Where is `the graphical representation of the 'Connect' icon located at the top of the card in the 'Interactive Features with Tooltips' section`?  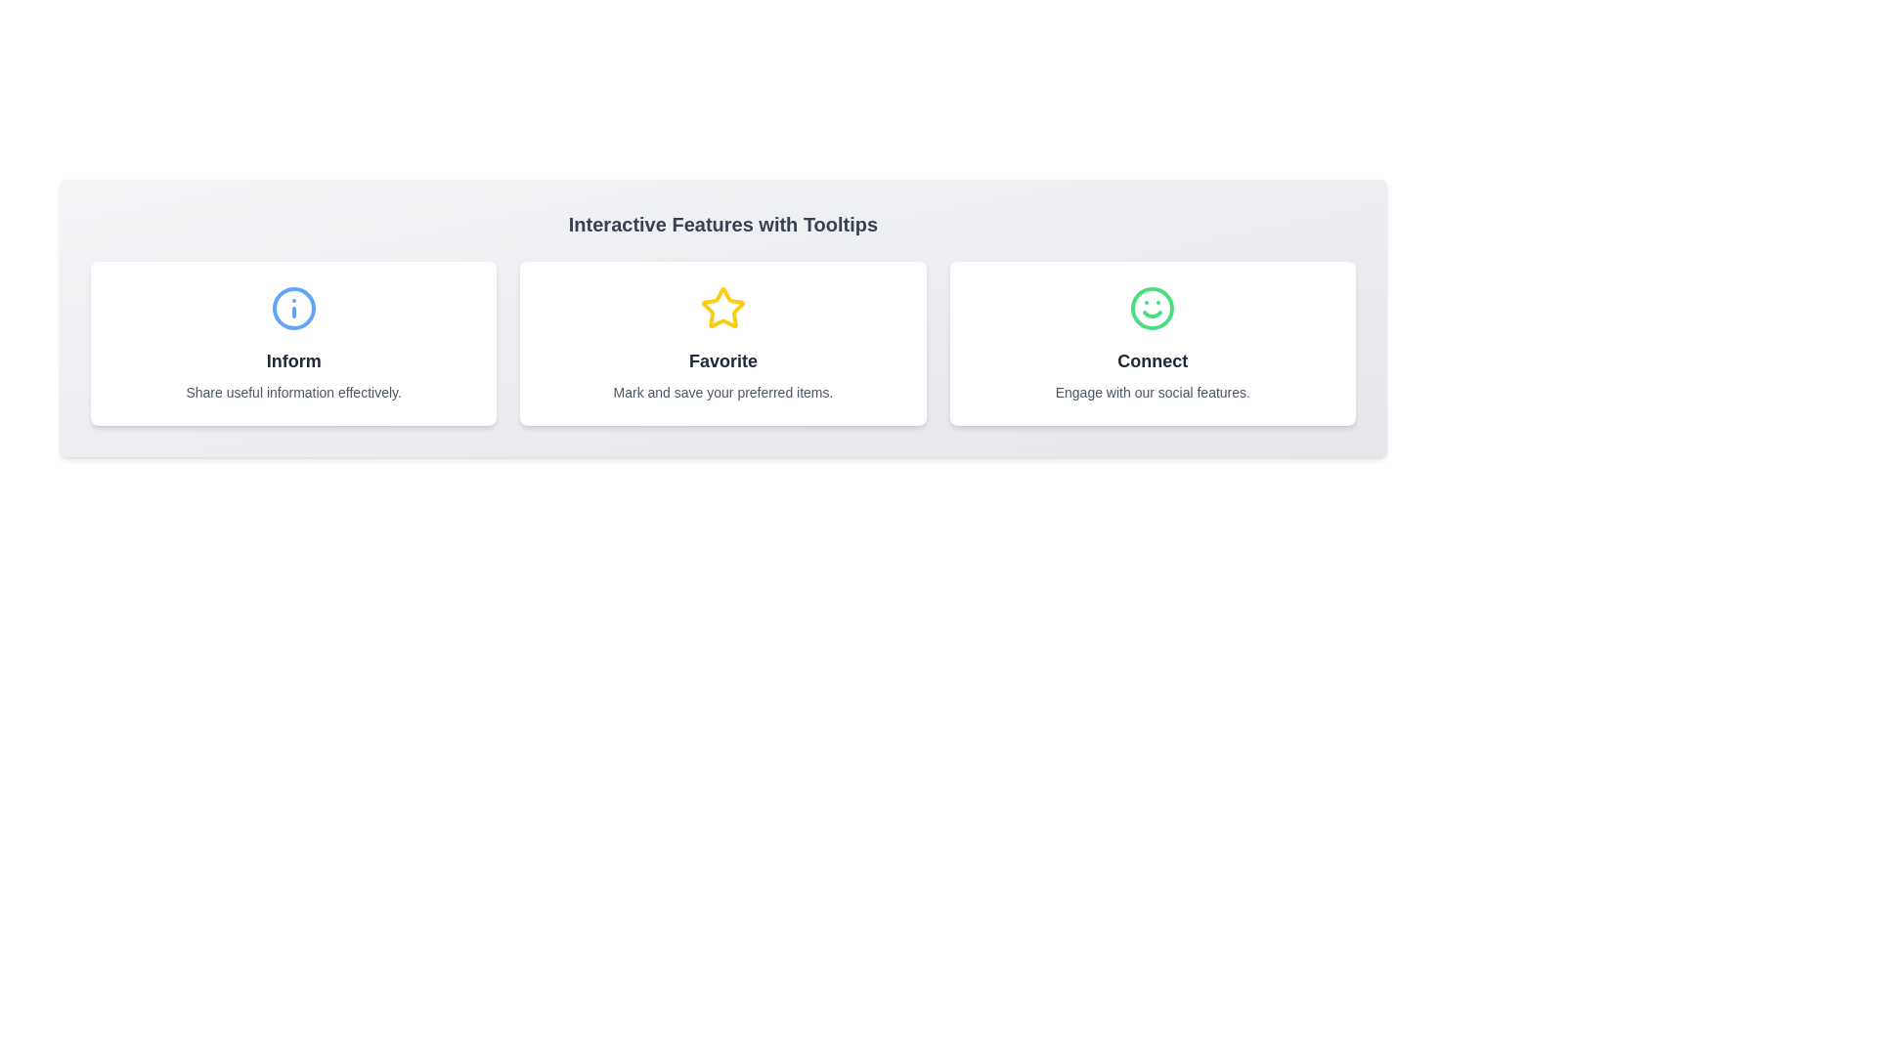 the graphical representation of the 'Connect' icon located at the top of the card in the 'Interactive Features with Tooltips' section is located at coordinates (1153, 308).